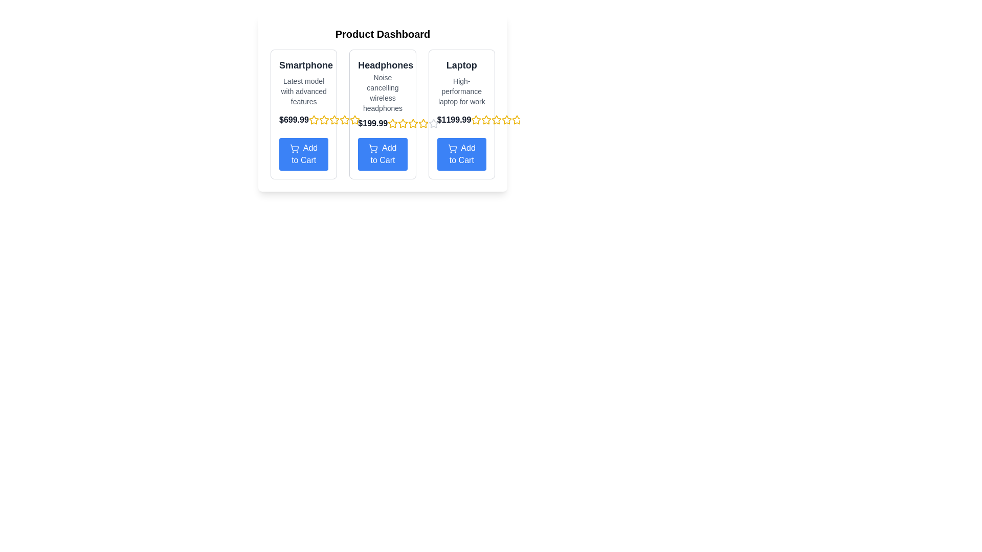  I want to click on the seventh star icon from a sequence of 10 stars, so click(423, 123).